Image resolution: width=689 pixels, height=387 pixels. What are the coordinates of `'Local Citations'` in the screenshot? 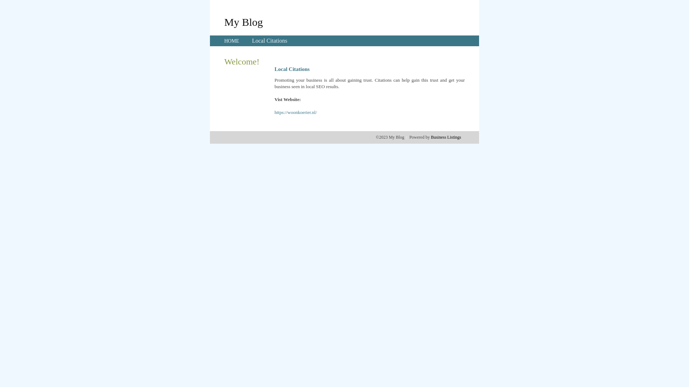 It's located at (269, 40).